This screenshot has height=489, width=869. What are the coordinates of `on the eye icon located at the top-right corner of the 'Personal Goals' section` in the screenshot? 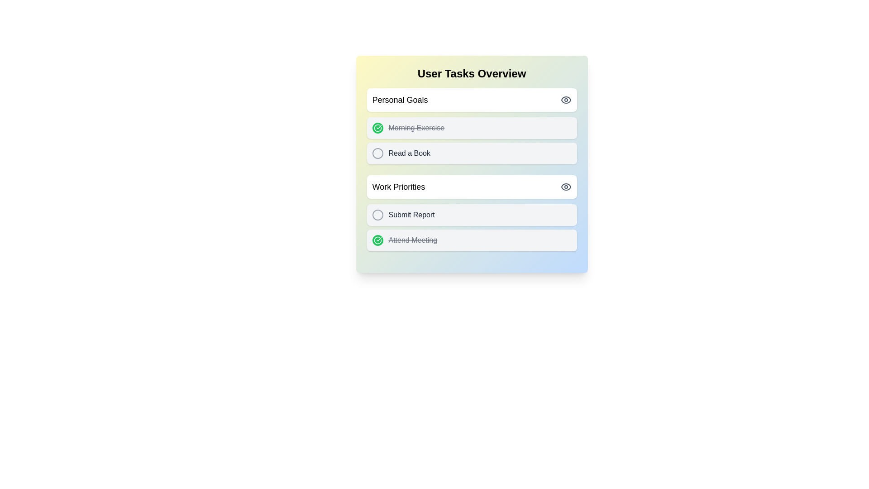 It's located at (565, 100).